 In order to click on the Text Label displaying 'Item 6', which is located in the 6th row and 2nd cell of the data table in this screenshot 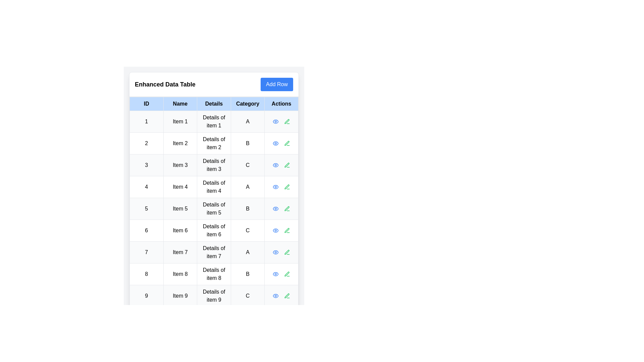, I will do `click(180, 230)`.